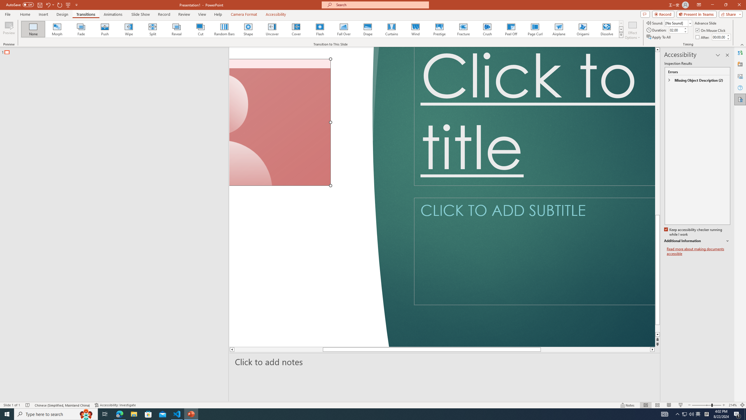 The image size is (746, 420). I want to click on 'Effect Options', so click(632, 30).